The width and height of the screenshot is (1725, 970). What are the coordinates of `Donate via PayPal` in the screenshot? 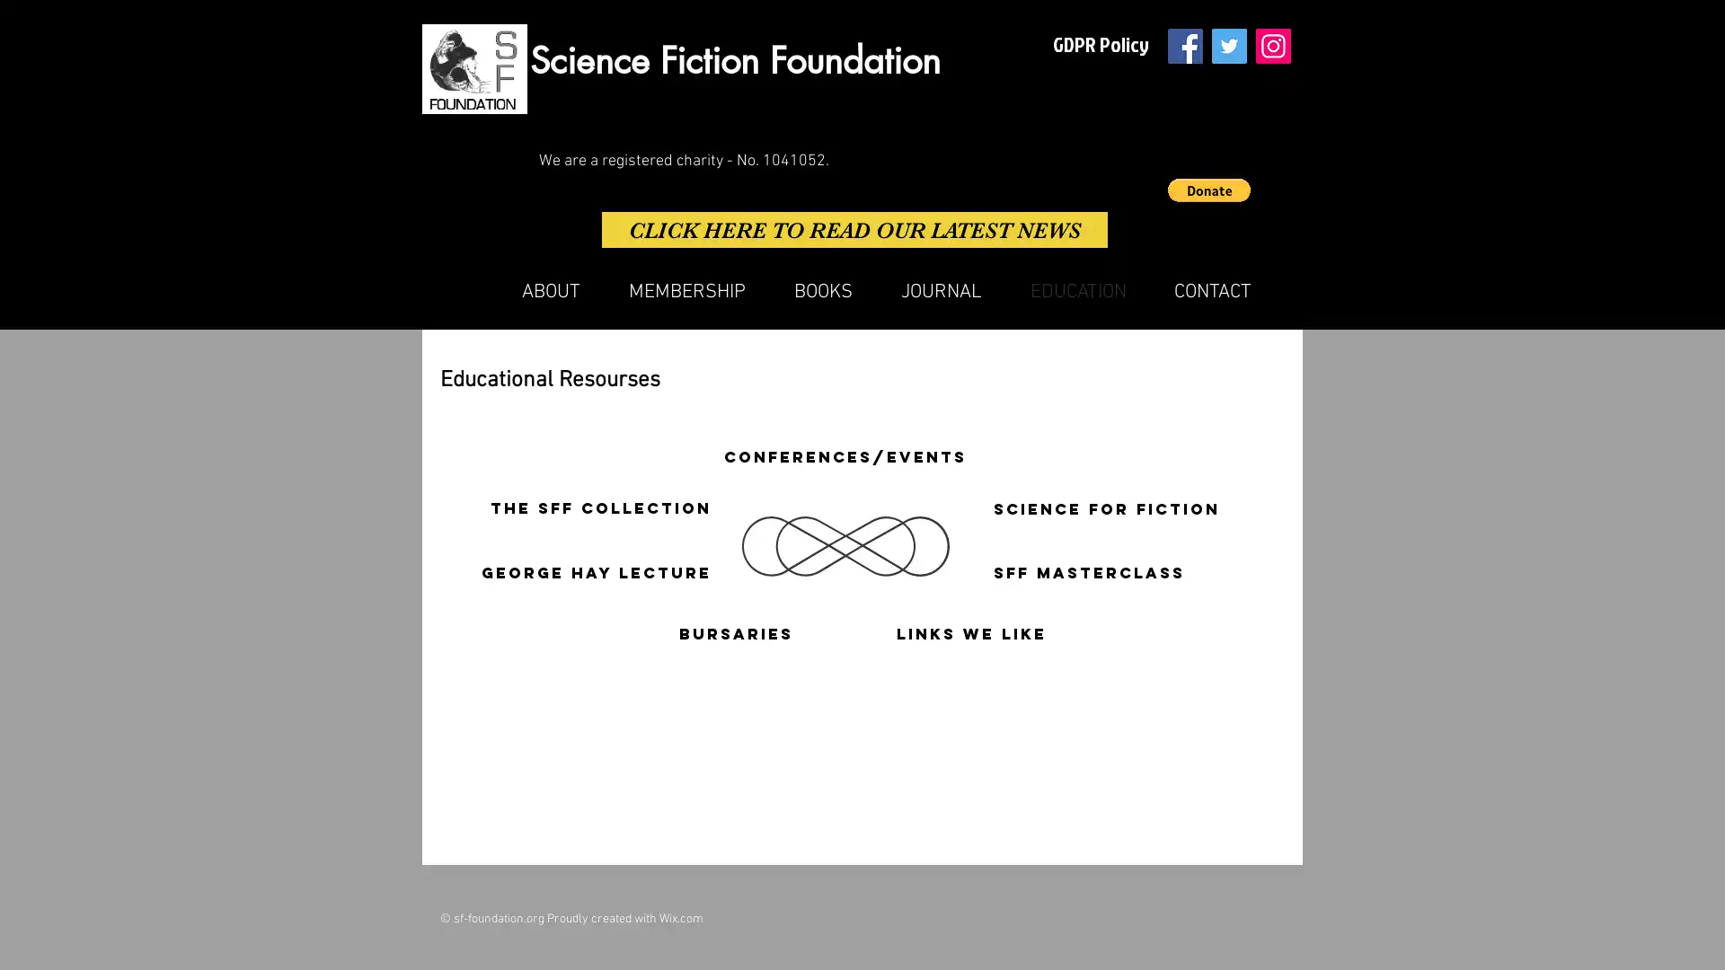 It's located at (1208, 190).